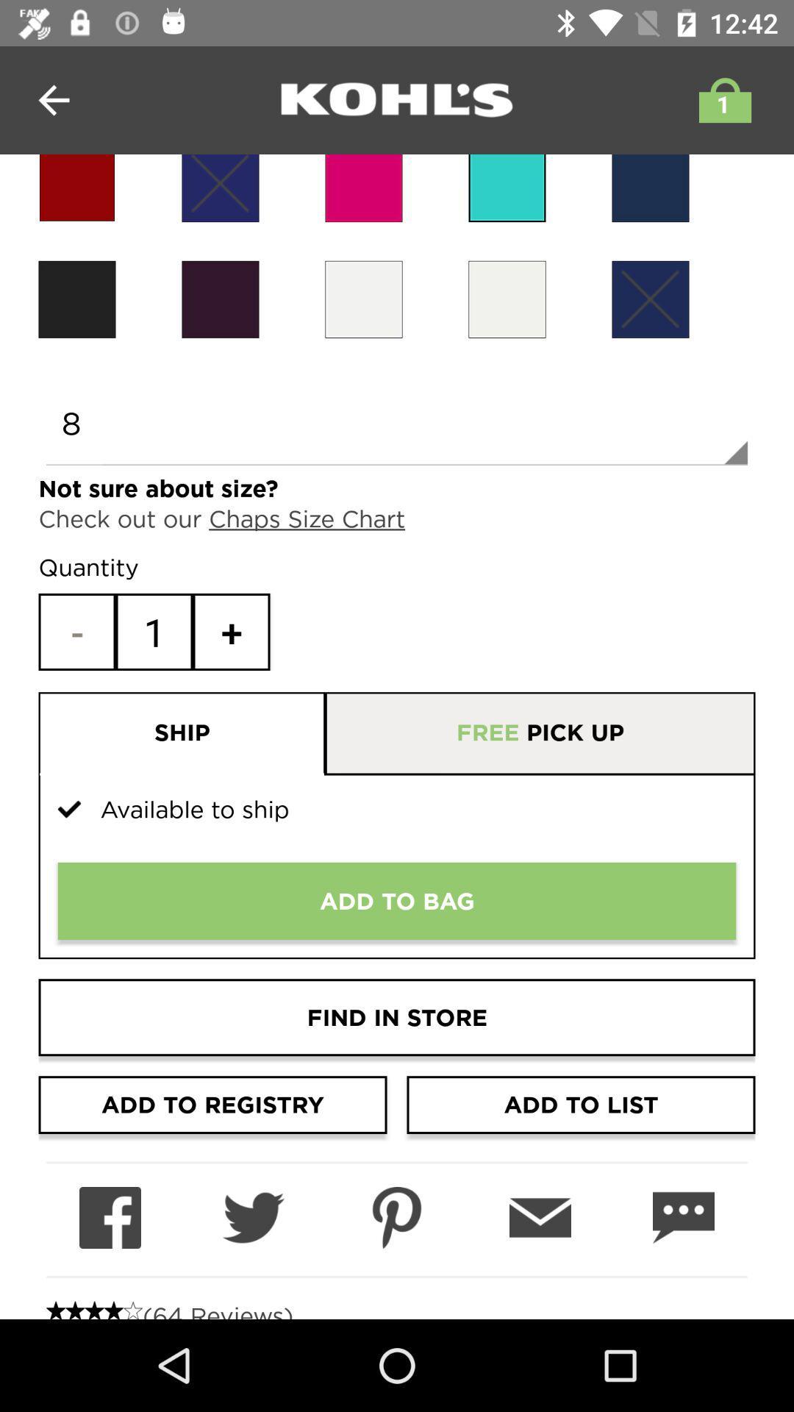 This screenshot has width=794, height=1412. Describe the element at coordinates (221, 188) in the screenshot. I see `the column of select products` at that location.